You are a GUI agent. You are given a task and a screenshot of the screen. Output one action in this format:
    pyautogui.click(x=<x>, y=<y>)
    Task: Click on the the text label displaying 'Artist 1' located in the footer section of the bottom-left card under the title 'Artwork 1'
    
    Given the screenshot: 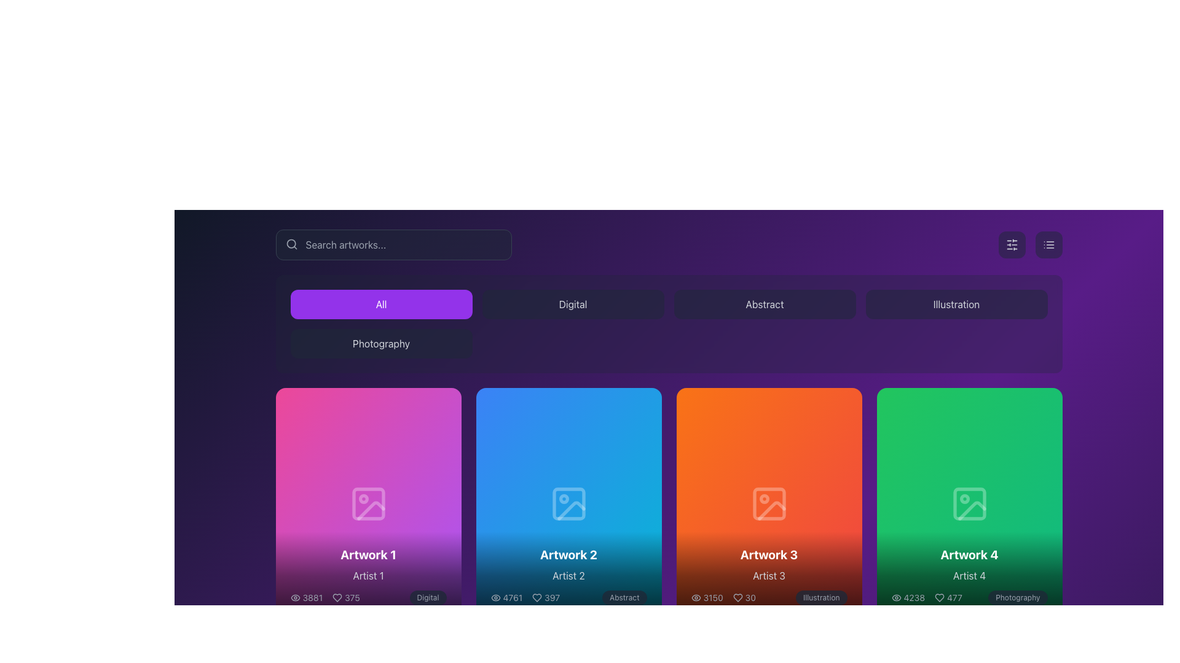 What is the action you would take?
    pyautogui.click(x=368, y=575)
    